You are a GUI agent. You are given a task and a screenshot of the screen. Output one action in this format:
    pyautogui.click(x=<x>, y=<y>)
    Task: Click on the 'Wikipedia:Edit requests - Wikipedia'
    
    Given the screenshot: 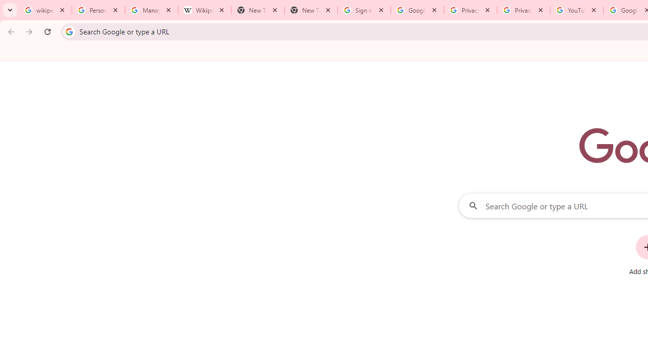 What is the action you would take?
    pyautogui.click(x=204, y=10)
    